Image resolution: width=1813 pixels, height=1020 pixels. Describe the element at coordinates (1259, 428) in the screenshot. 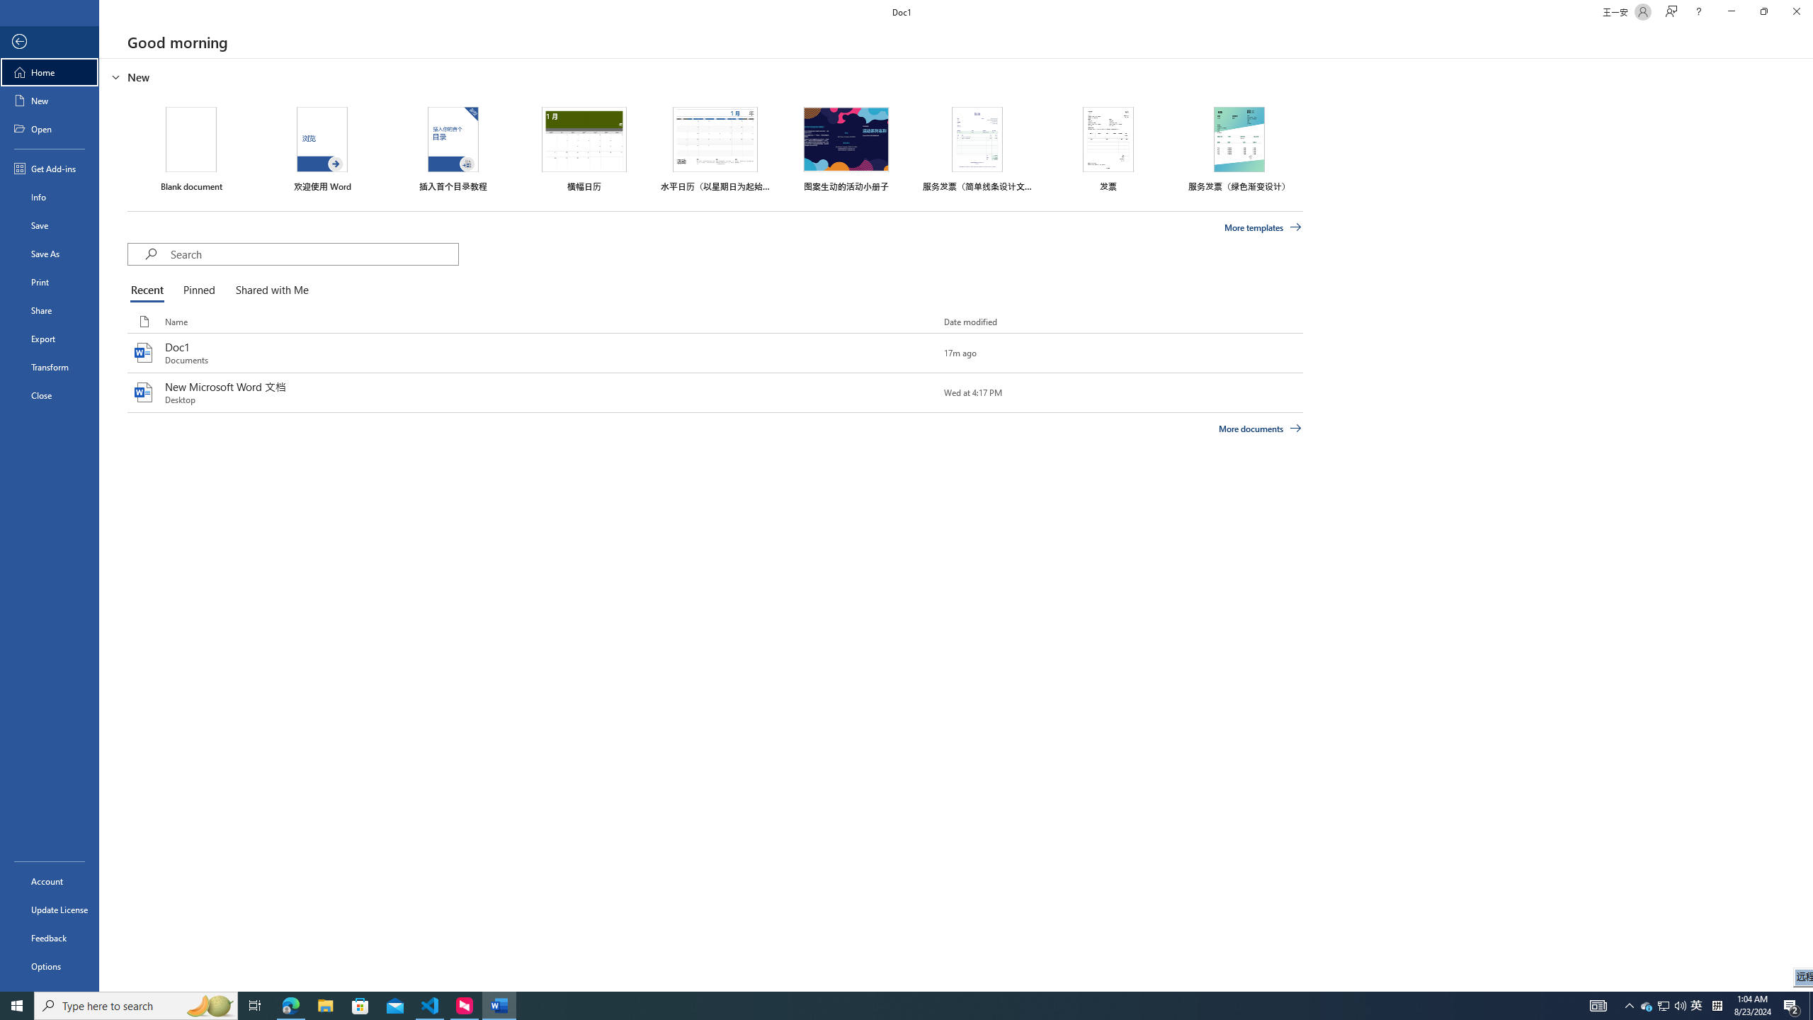

I see `'More documents'` at that location.